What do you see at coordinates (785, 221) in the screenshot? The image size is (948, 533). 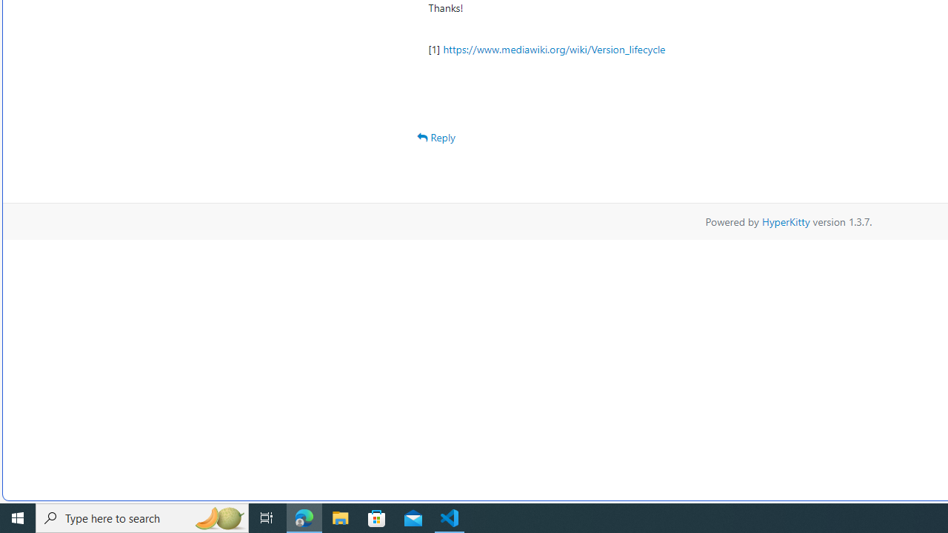 I see `'HyperKitty'` at bounding box center [785, 221].